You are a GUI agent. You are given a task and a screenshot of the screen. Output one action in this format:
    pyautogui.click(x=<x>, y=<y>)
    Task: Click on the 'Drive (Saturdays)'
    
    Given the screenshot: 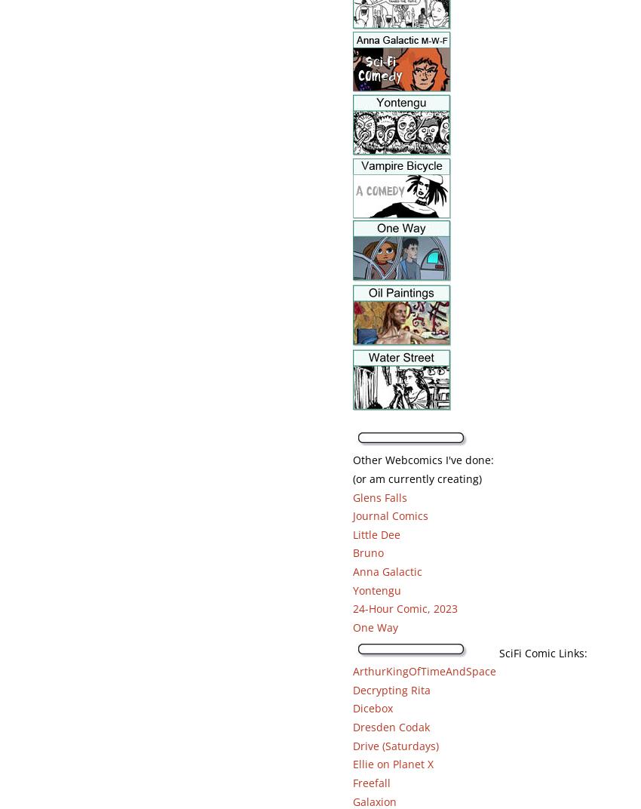 What is the action you would take?
    pyautogui.click(x=394, y=744)
    